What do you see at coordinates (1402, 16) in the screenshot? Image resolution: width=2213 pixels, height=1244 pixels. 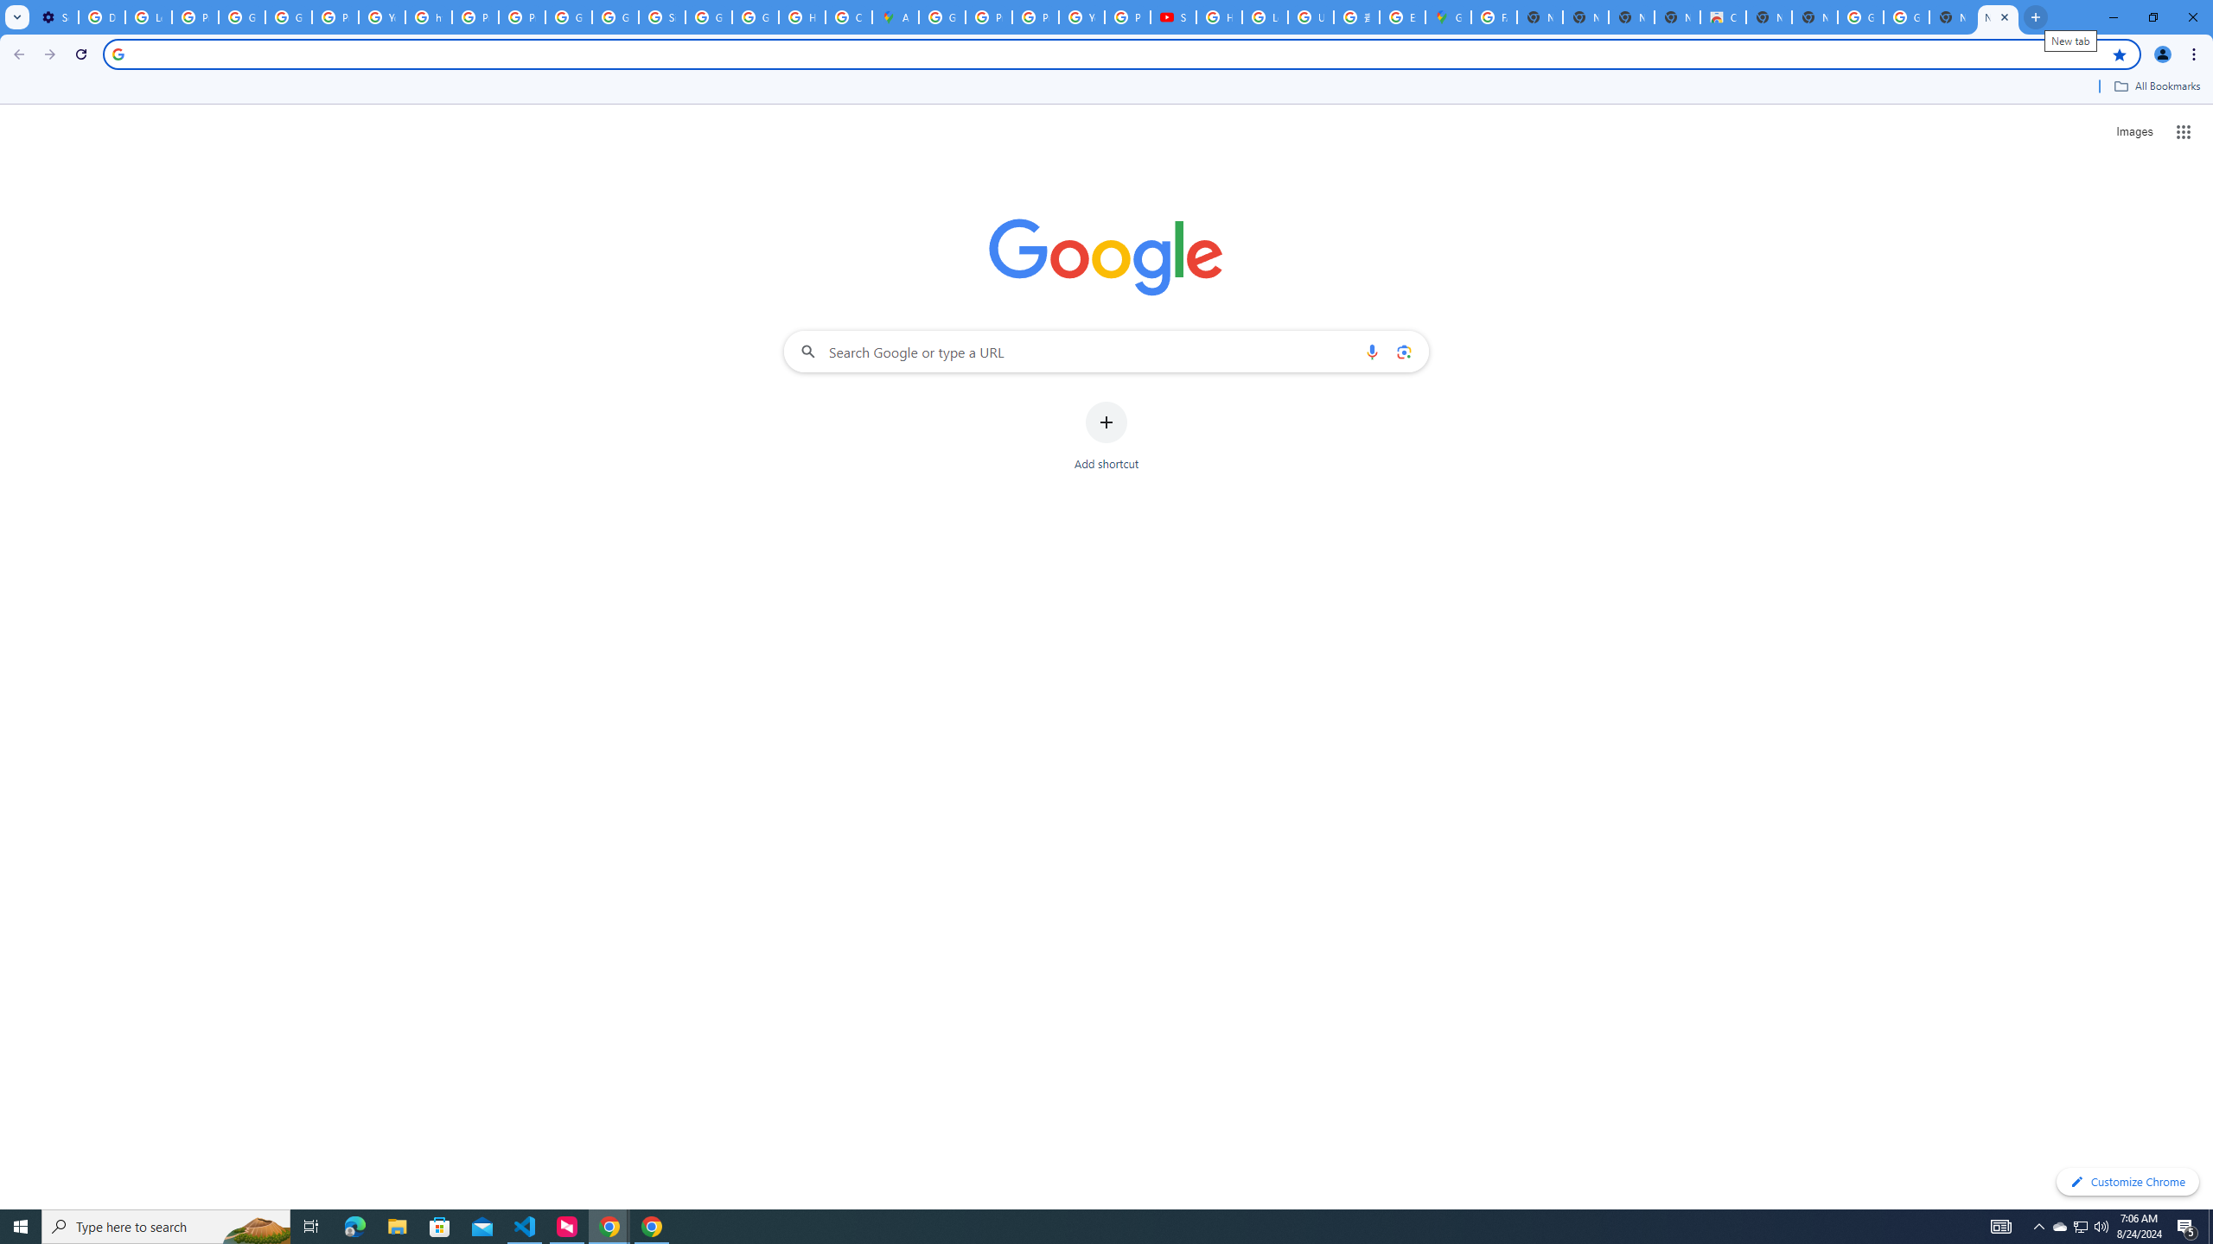 I see `'Explore new street-level details - Google Maps Help'` at bounding box center [1402, 16].